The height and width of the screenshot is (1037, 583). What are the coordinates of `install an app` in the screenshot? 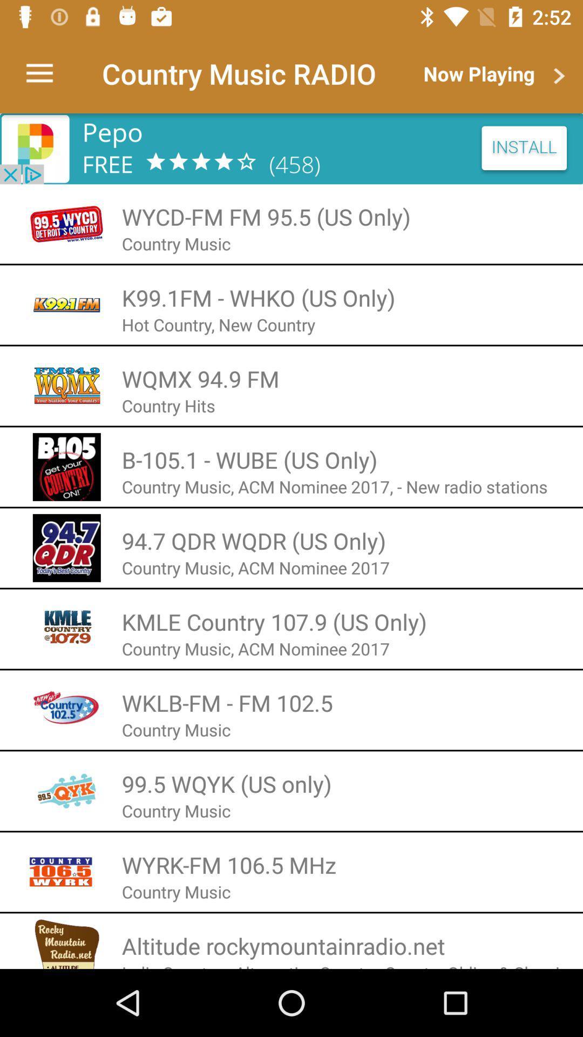 It's located at (291, 148).